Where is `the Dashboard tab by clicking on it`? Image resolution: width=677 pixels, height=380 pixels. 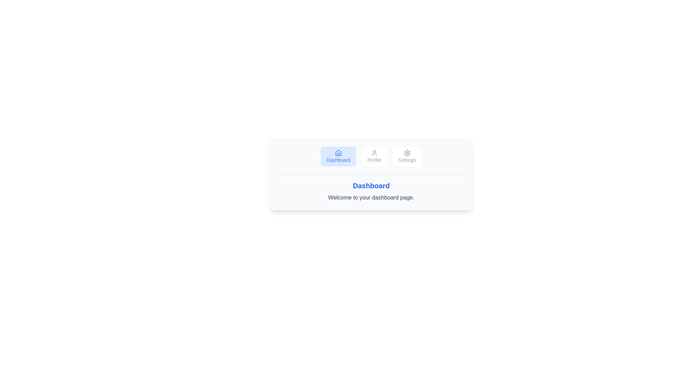 the Dashboard tab by clicking on it is located at coordinates (338, 156).